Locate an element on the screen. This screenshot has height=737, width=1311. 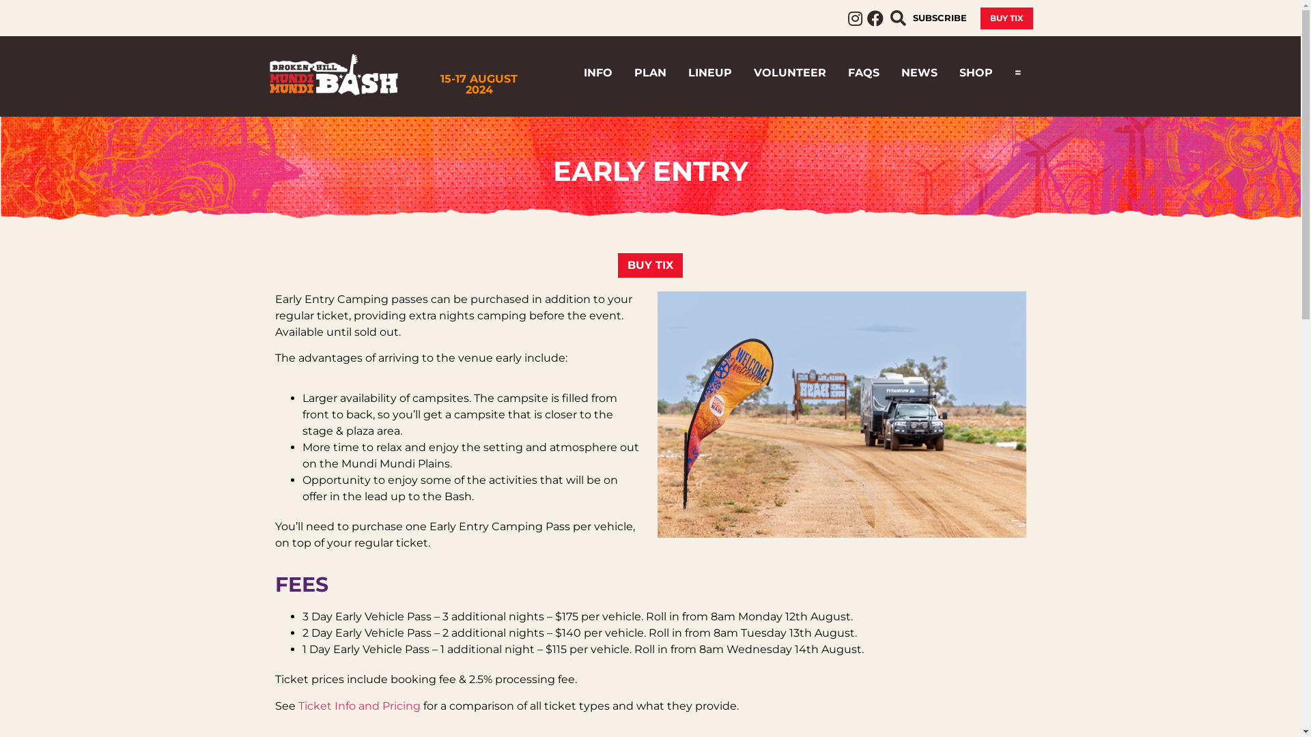
'VOLUNTEER' is located at coordinates (789, 73).